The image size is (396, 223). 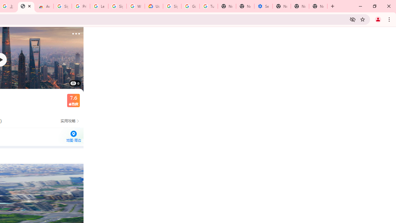 What do you see at coordinates (44, 6) in the screenshot?
I see `'Awesome Screen Recorder & Screenshot - Chrome Web Store'` at bounding box center [44, 6].